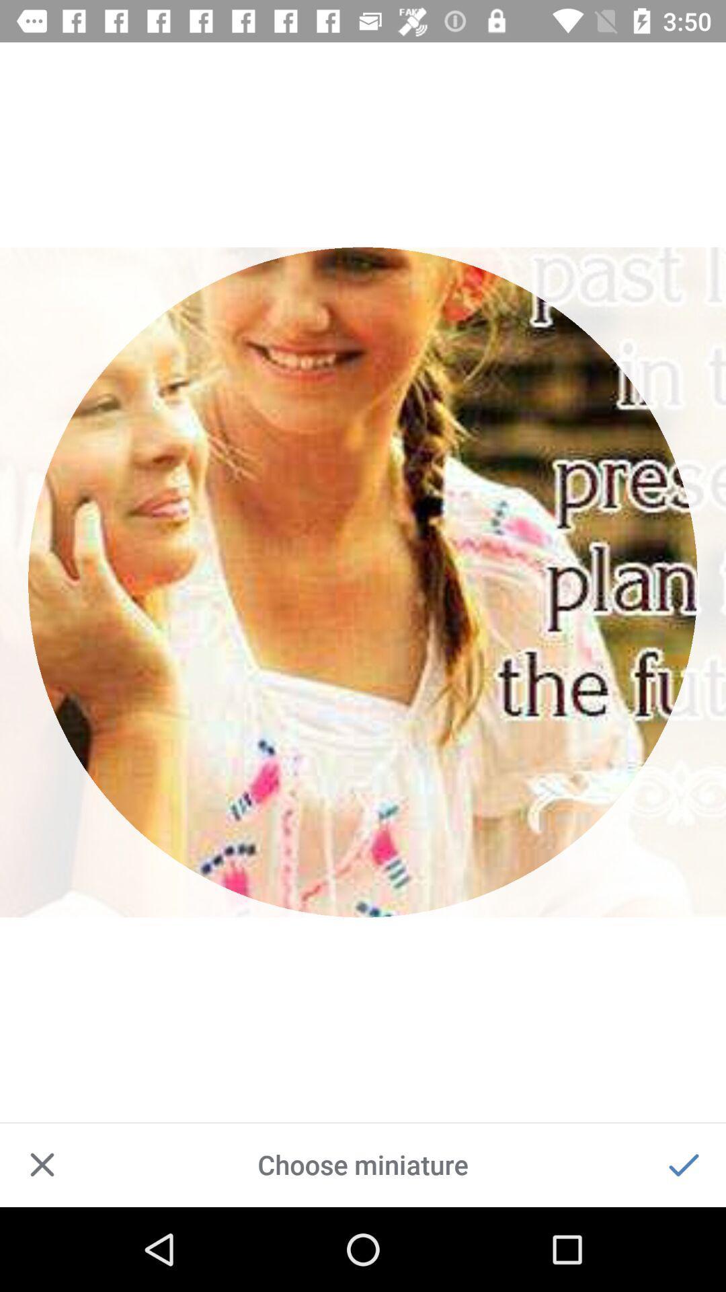 The height and width of the screenshot is (1292, 726). Describe the element at coordinates (41, 1164) in the screenshot. I see `page` at that location.